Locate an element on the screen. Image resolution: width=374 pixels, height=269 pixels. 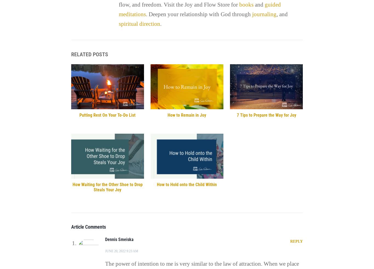
'June 20, 2022 9:23 am' is located at coordinates (121, 251).